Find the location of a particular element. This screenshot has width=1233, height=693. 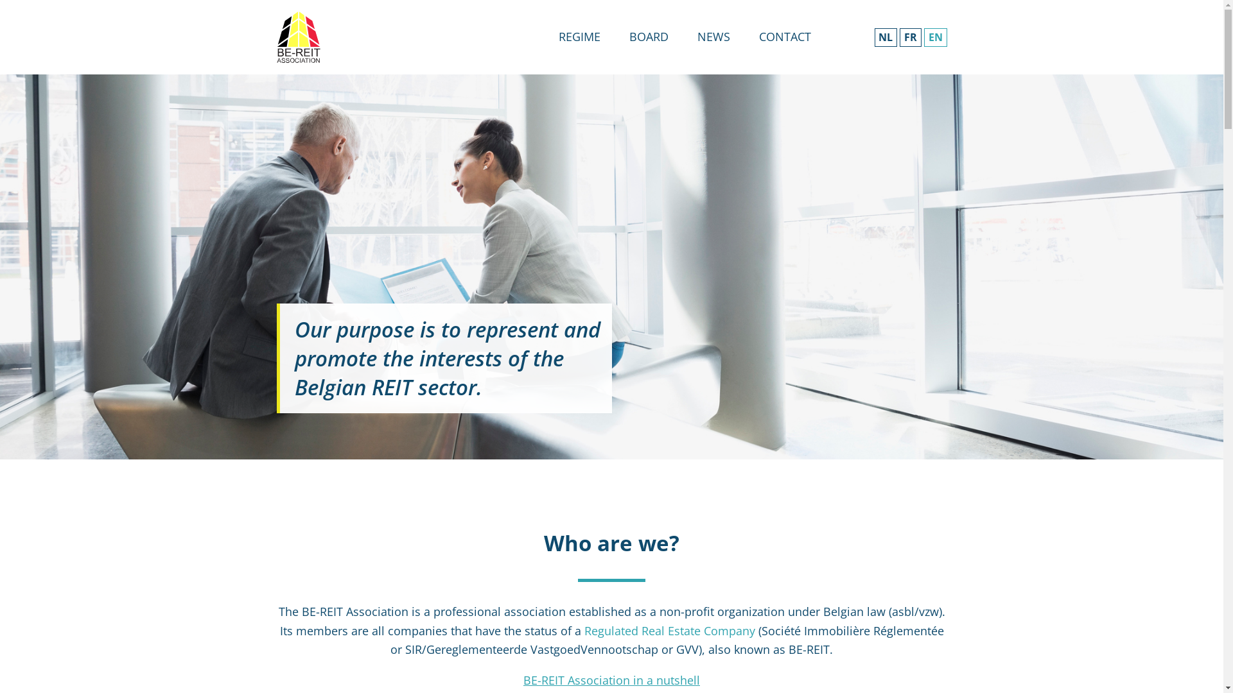

'FR' is located at coordinates (909, 37).